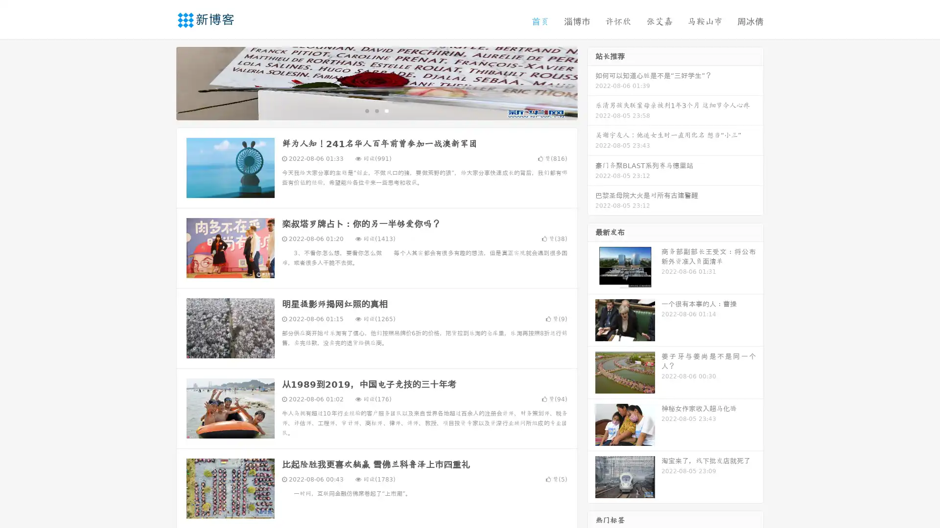 This screenshot has width=940, height=528. I want to click on Next slide, so click(591, 82).